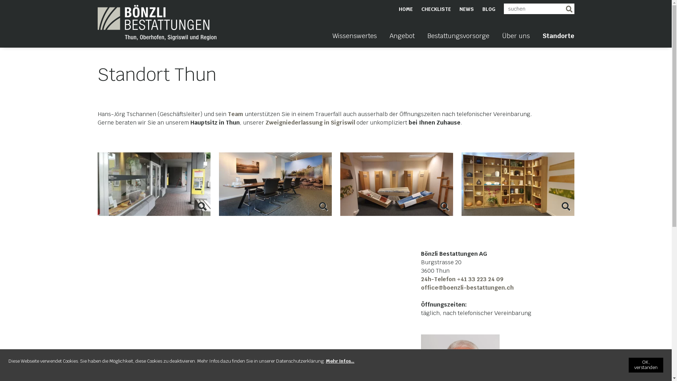 The image size is (677, 381). I want to click on '24h-Telefon', so click(438, 279).